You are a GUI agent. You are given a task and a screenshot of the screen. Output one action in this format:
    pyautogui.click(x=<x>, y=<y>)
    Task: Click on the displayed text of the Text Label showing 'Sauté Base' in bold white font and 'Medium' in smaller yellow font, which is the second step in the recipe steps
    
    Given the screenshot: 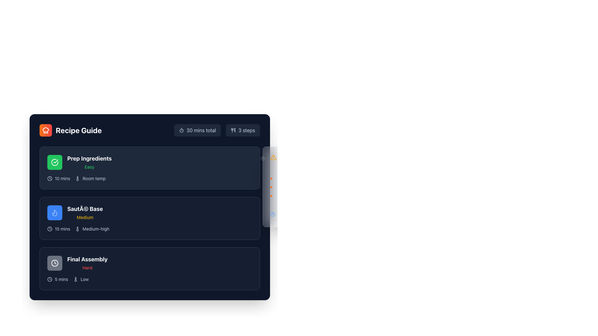 What is the action you would take?
    pyautogui.click(x=75, y=212)
    